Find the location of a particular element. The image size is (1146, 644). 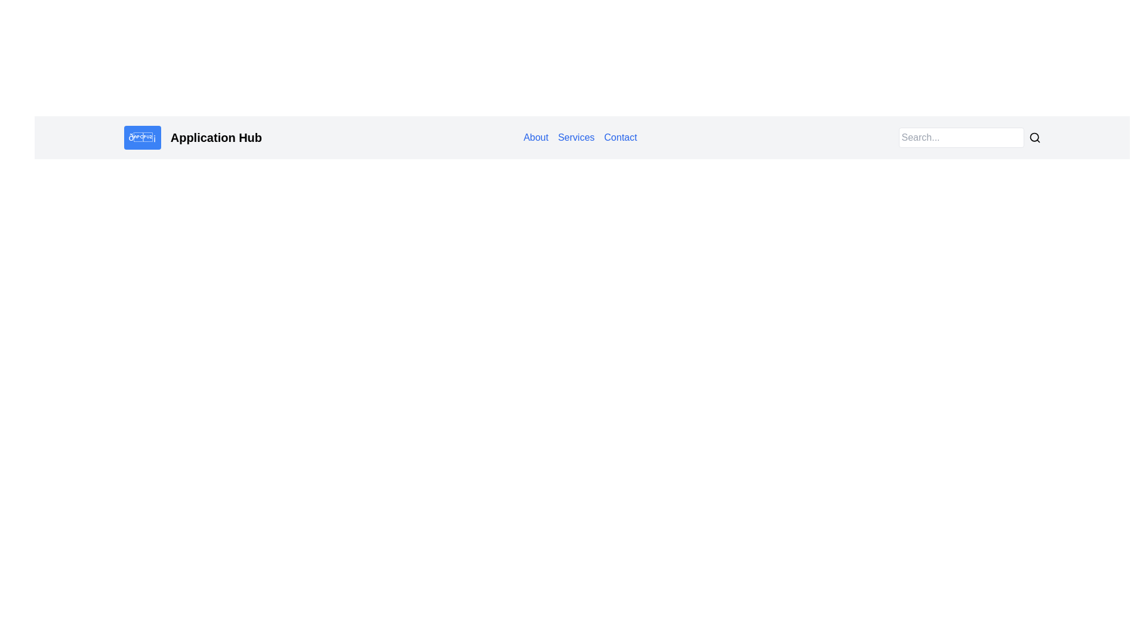

the 'Contact' text link in the navigation menu is located at coordinates (620, 137).